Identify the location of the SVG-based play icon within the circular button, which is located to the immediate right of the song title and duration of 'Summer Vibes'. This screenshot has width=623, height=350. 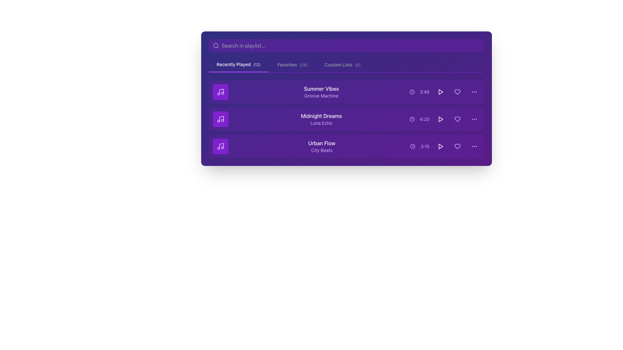
(440, 92).